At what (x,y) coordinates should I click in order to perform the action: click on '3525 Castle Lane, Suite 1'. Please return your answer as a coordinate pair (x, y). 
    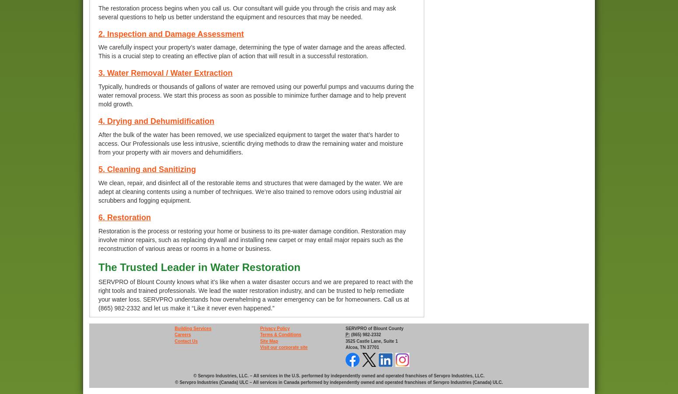
    Looking at the image, I should click on (370, 340).